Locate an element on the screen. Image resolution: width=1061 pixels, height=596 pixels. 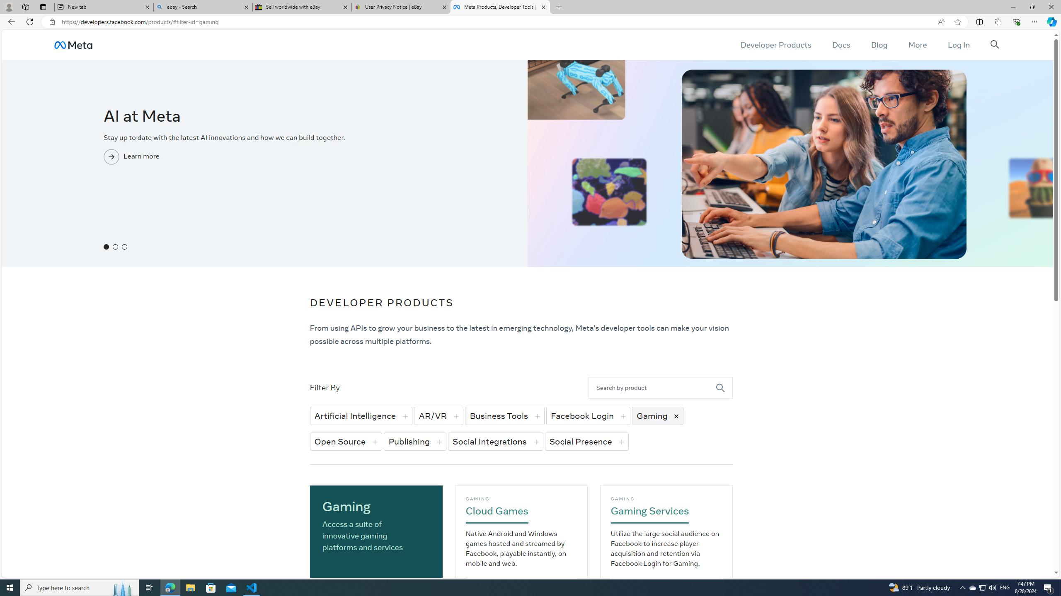
'Show slide 3' is located at coordinates (124, 246).